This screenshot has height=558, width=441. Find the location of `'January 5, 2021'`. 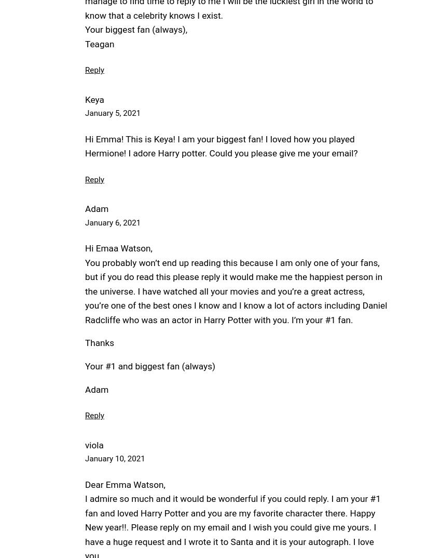

'January 5, 2021' is located at coordinates (85, 113).